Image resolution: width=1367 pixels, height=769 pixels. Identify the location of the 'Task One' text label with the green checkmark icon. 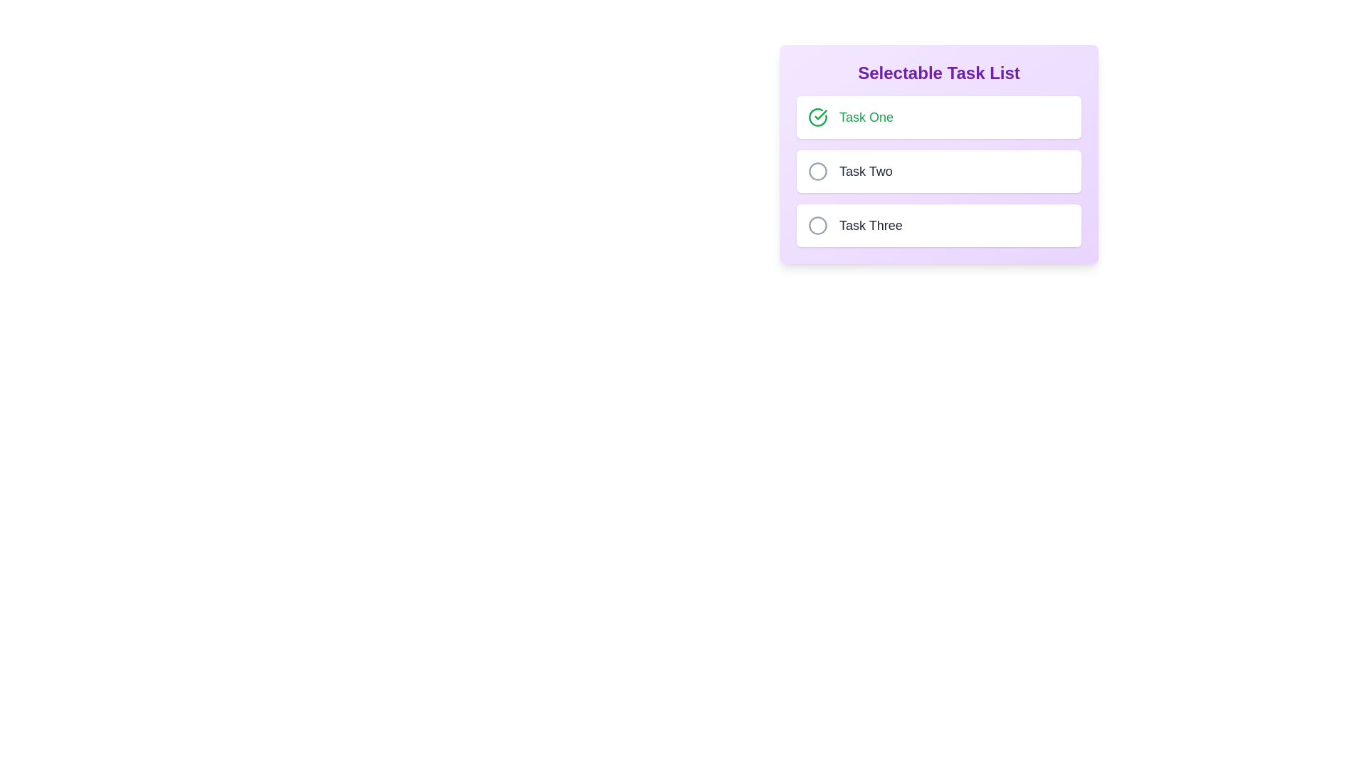
(851, 117).